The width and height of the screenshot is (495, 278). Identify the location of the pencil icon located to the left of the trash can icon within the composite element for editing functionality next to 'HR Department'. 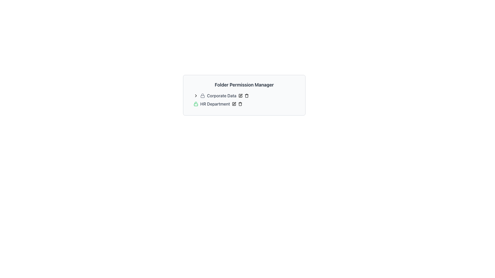
(237, 104).